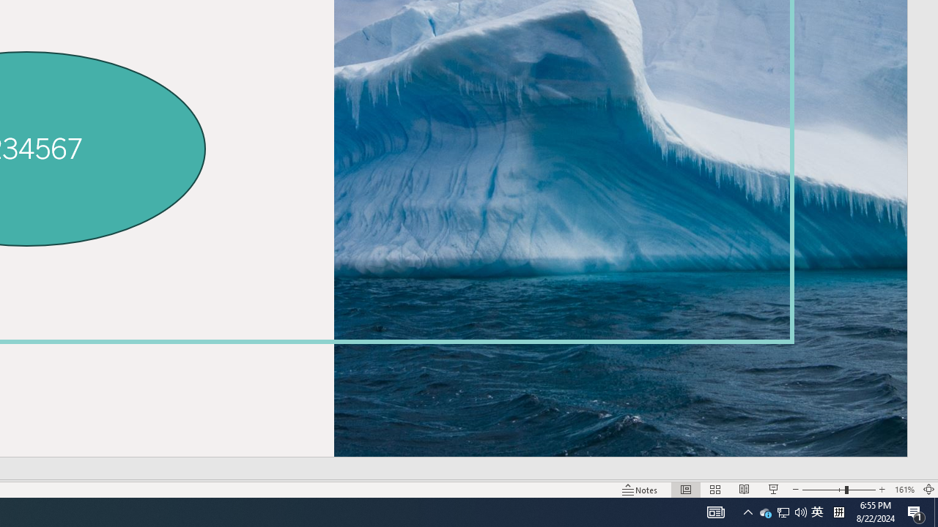 This screenshot has width=938, height=527. Describe the element at coordinates (800, 511) in the screenshot. I see `'Q2790: 100%'` at that location.